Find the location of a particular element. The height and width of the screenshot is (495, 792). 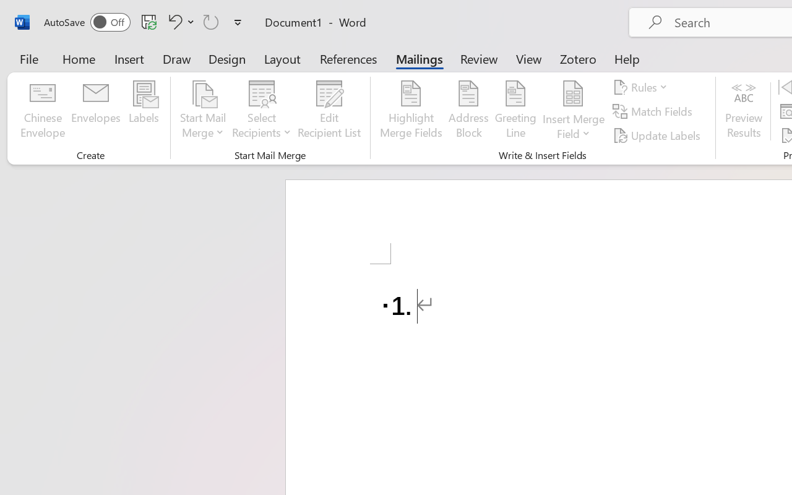

'Insert Merge Field' is located at coordinates (573, 111).